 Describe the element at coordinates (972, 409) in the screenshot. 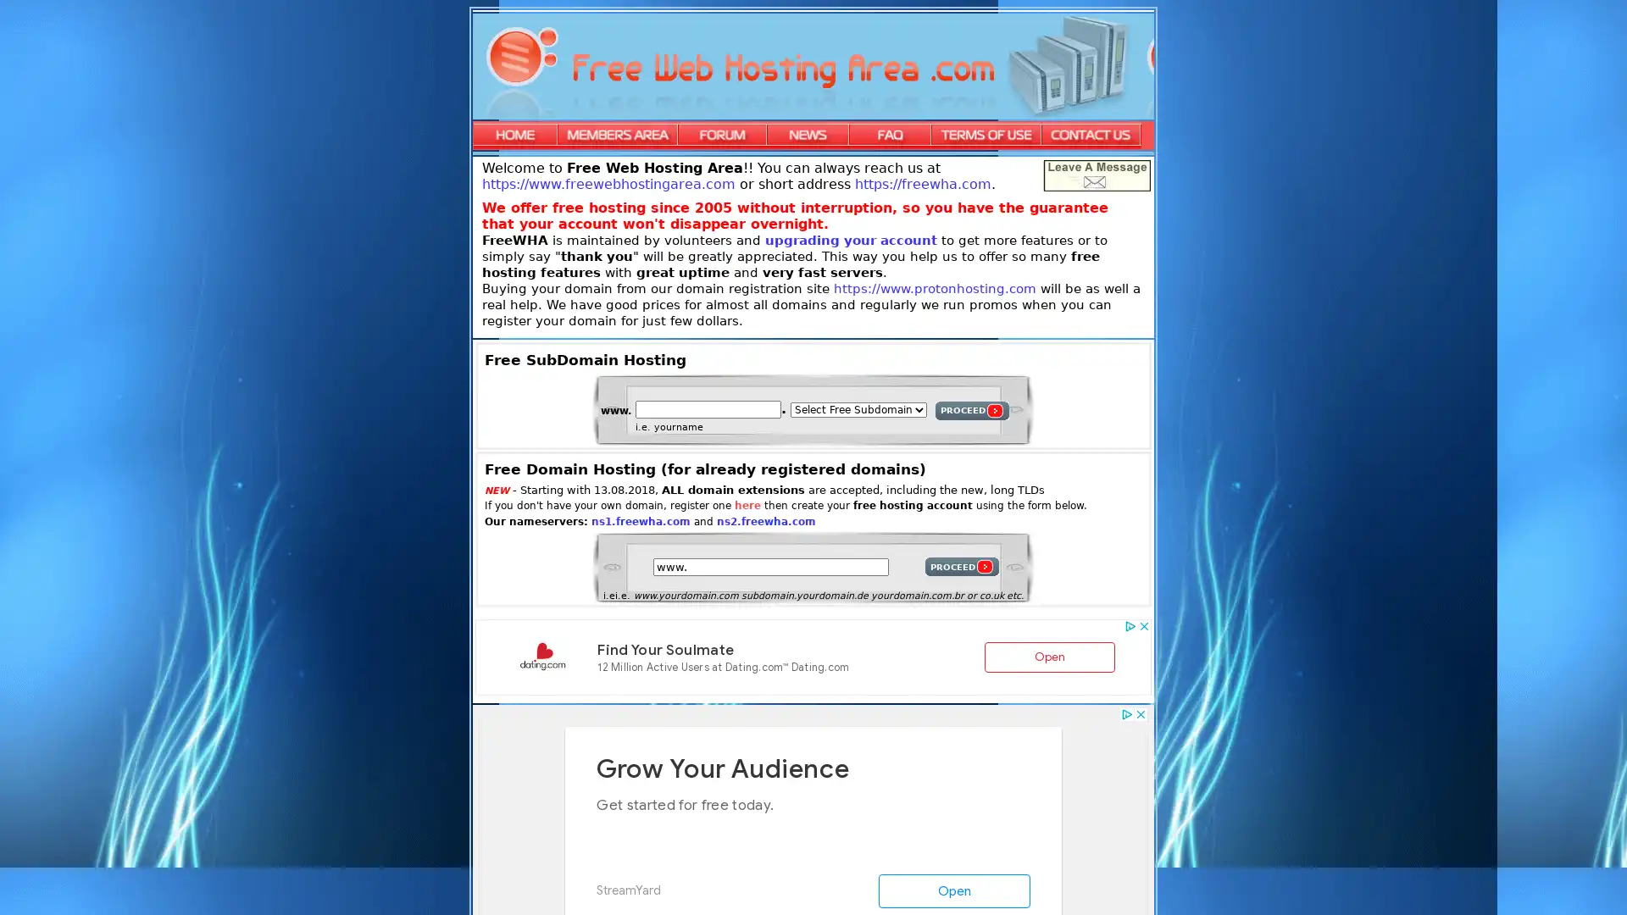

I see `PROCEED` at that location.